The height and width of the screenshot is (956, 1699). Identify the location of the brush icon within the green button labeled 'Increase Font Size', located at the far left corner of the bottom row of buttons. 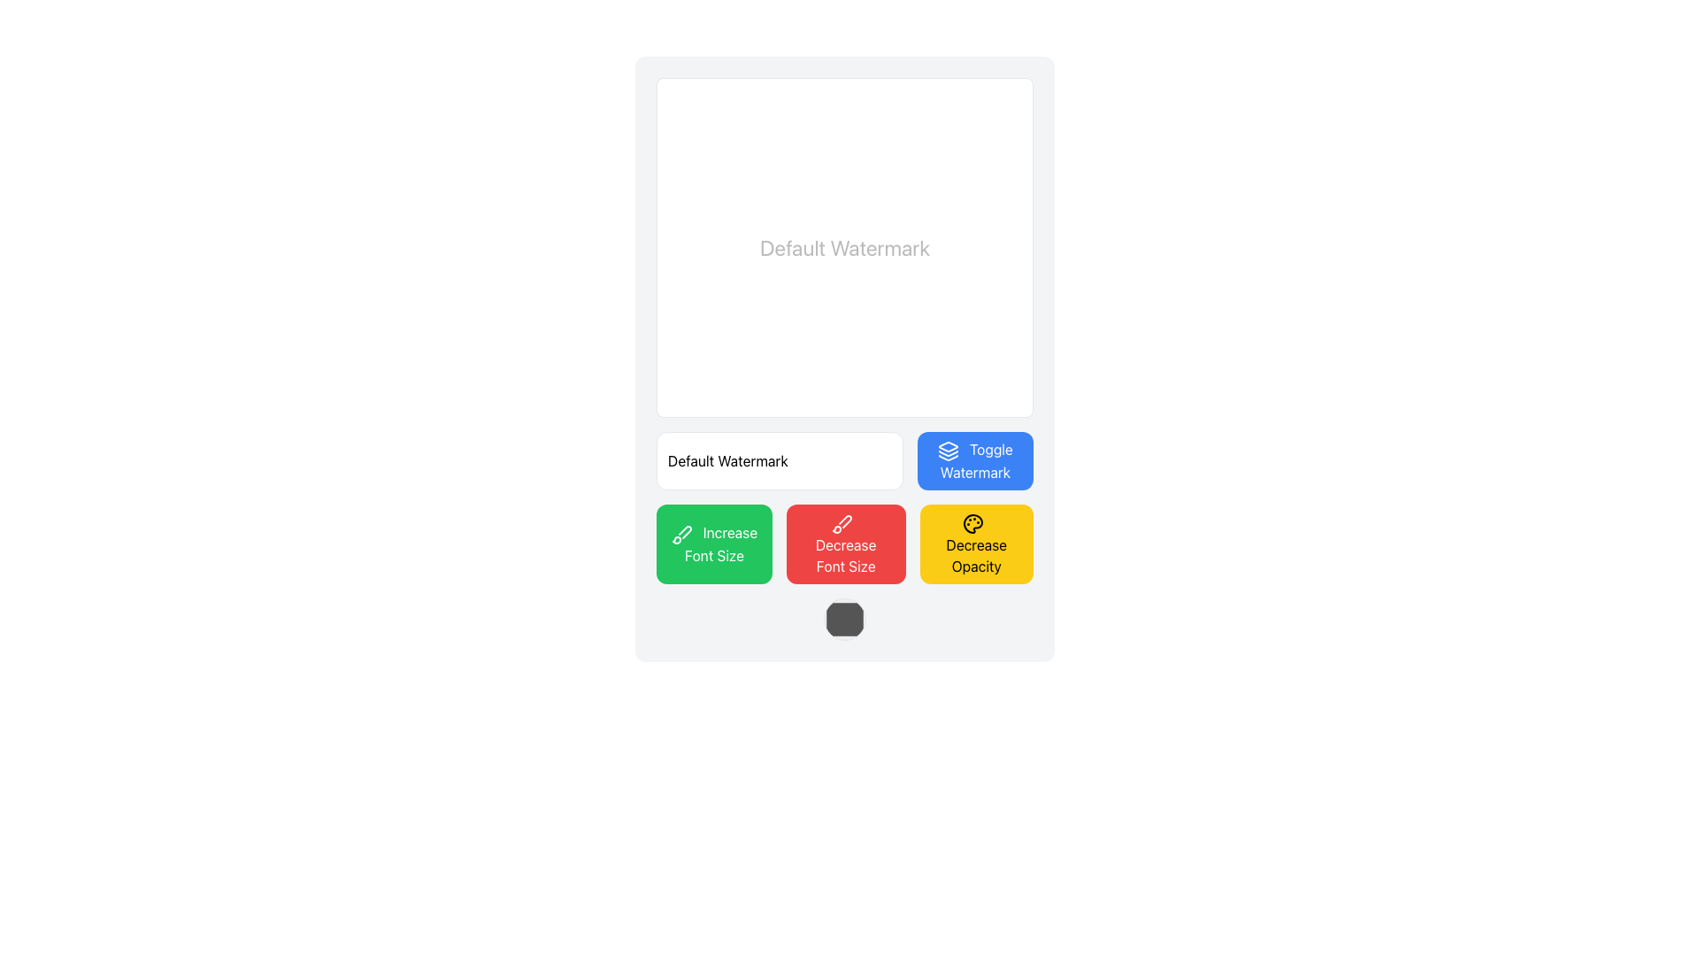
(680, 533).